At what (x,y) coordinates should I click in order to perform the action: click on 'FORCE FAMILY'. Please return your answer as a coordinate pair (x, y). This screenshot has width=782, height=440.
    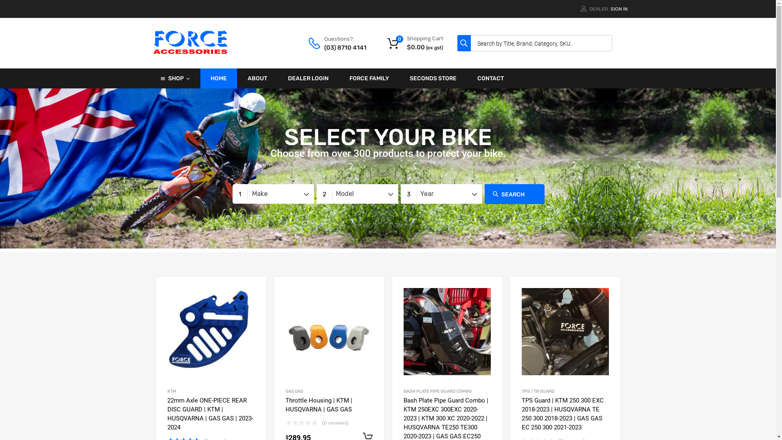
    Looking at the image, I should click on (369, 78).